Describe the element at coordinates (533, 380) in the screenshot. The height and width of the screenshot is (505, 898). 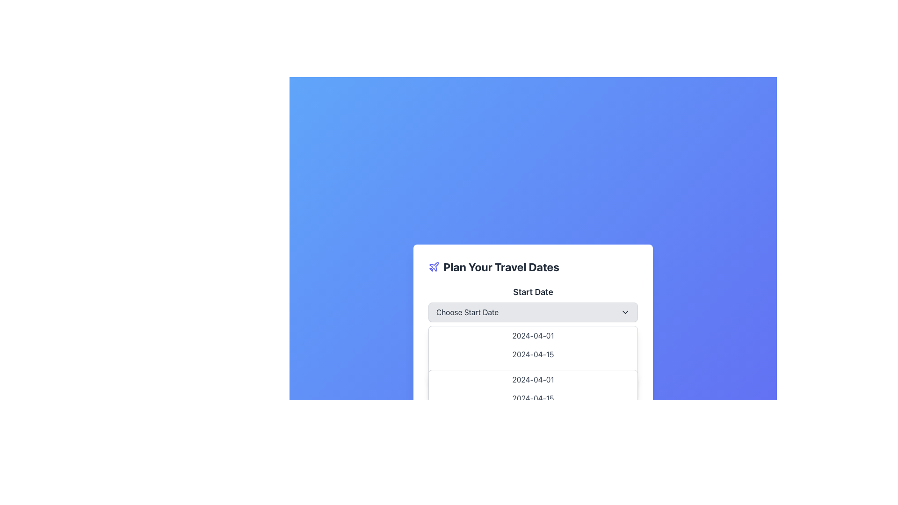
I see `the dropdown option displaying the text '2024-04-01'` at that location.